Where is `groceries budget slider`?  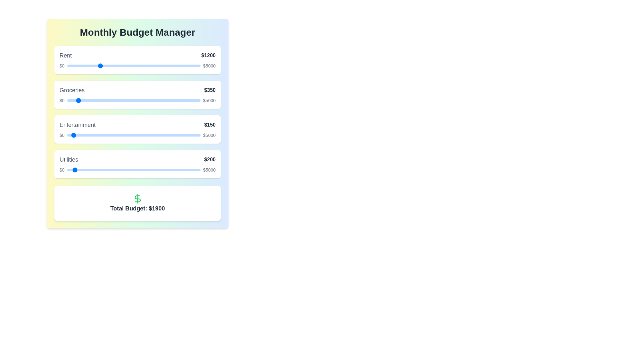 groceries budget slider is located at coordinates (99, 100).